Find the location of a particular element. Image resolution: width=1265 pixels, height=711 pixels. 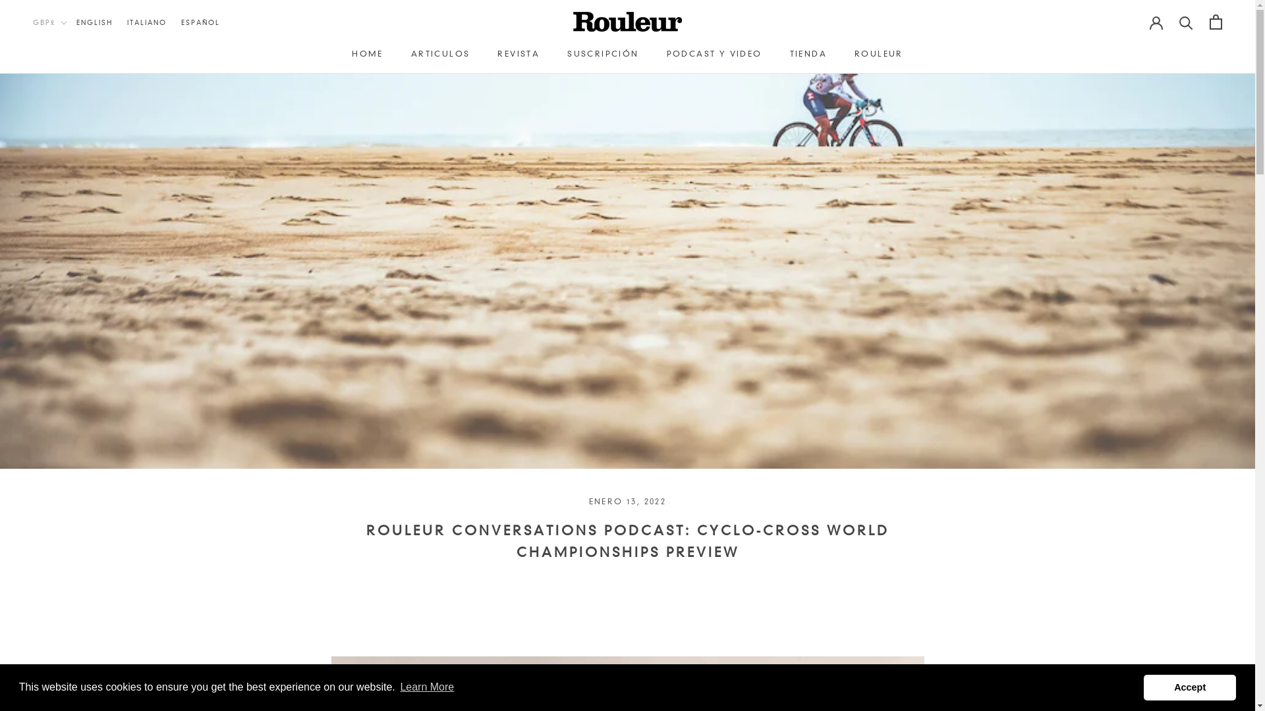

'GMD' is located at coordinates (74, 661).